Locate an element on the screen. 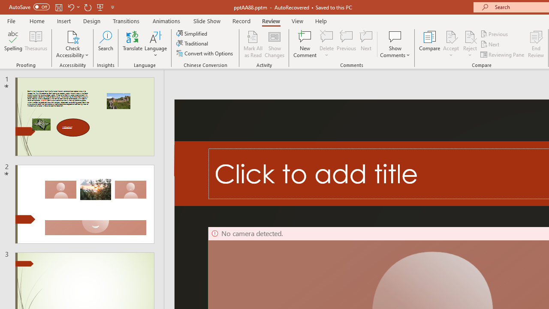 This screenshot has width=549, height=309. 'Previous' is located at coordinates (495, 33).